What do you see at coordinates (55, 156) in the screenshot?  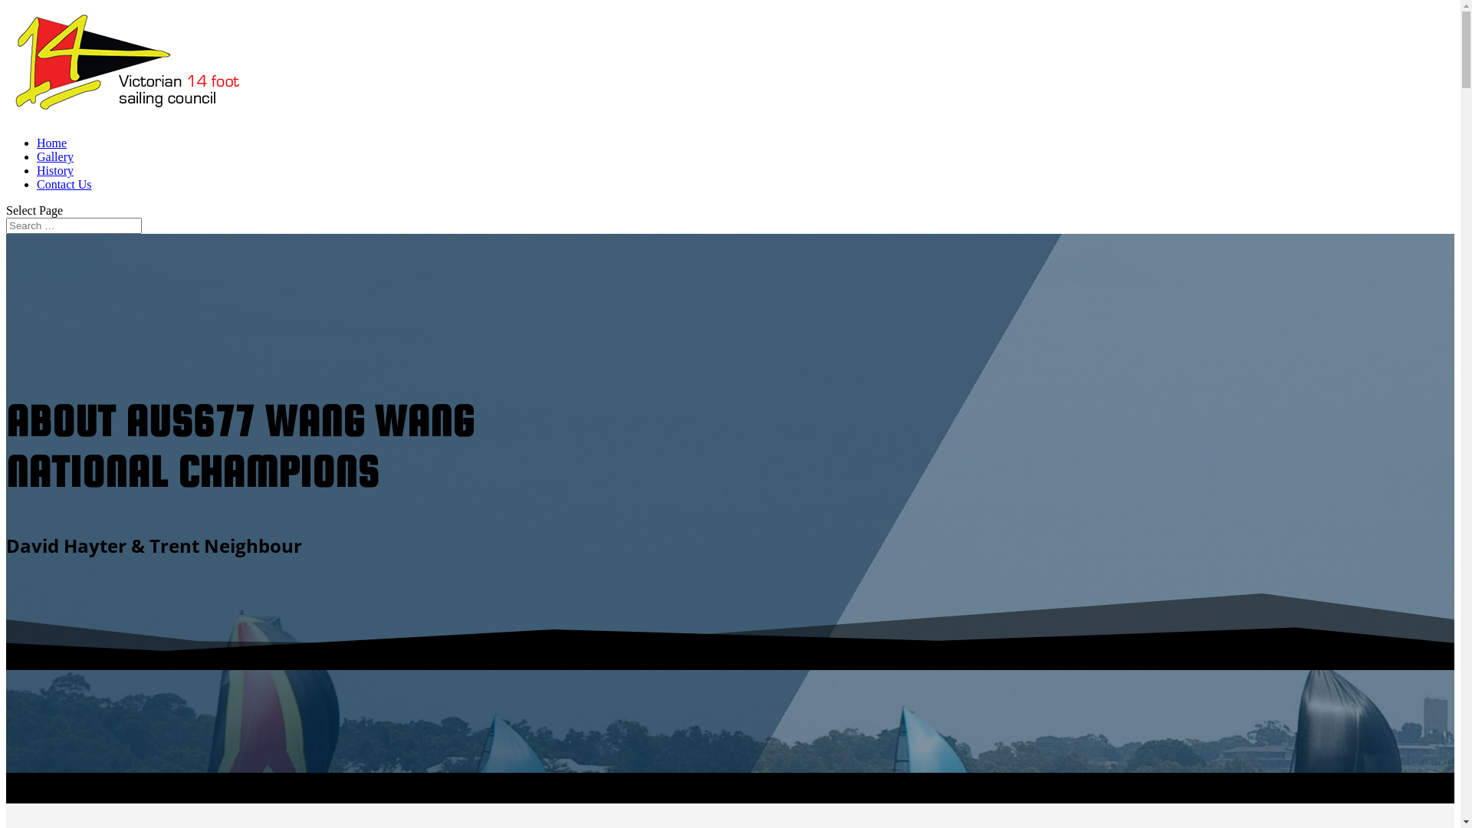 I see `'Gallery'` at bounding box center [55, 156].